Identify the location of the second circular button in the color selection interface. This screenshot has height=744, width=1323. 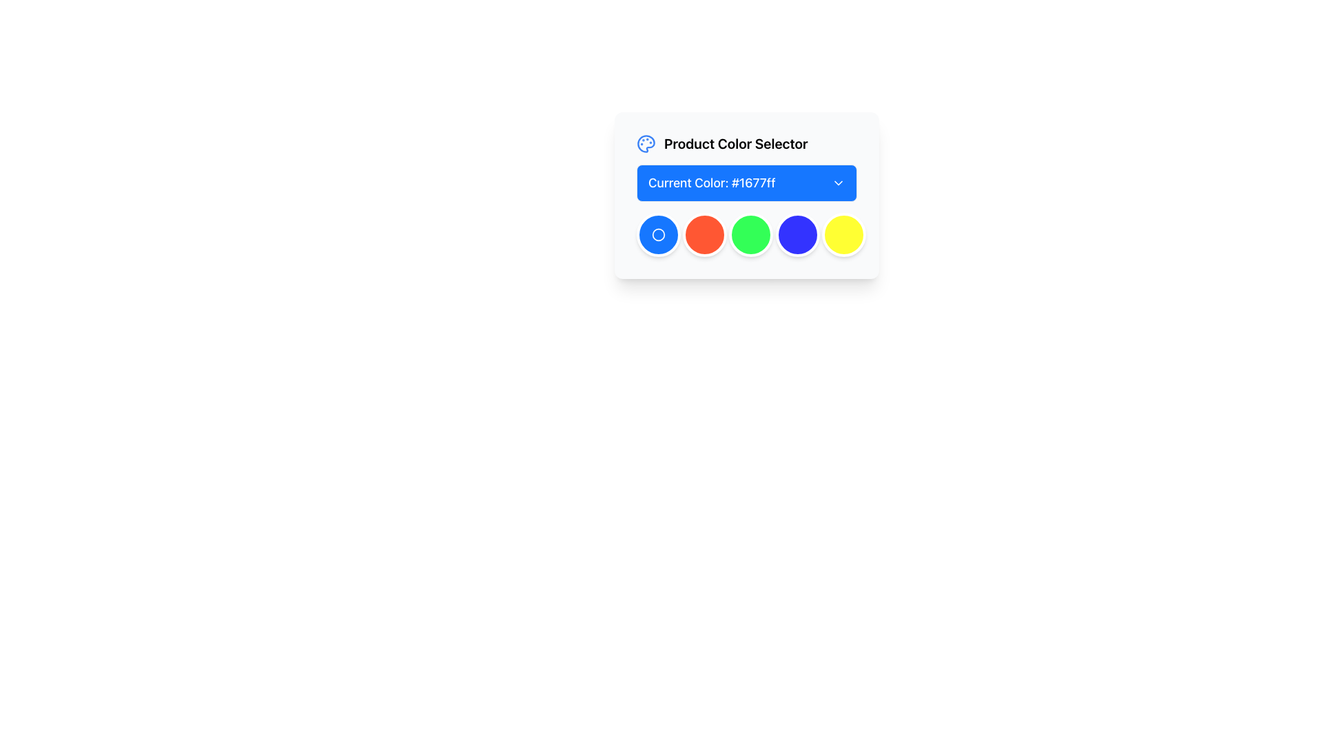
(705, 234).